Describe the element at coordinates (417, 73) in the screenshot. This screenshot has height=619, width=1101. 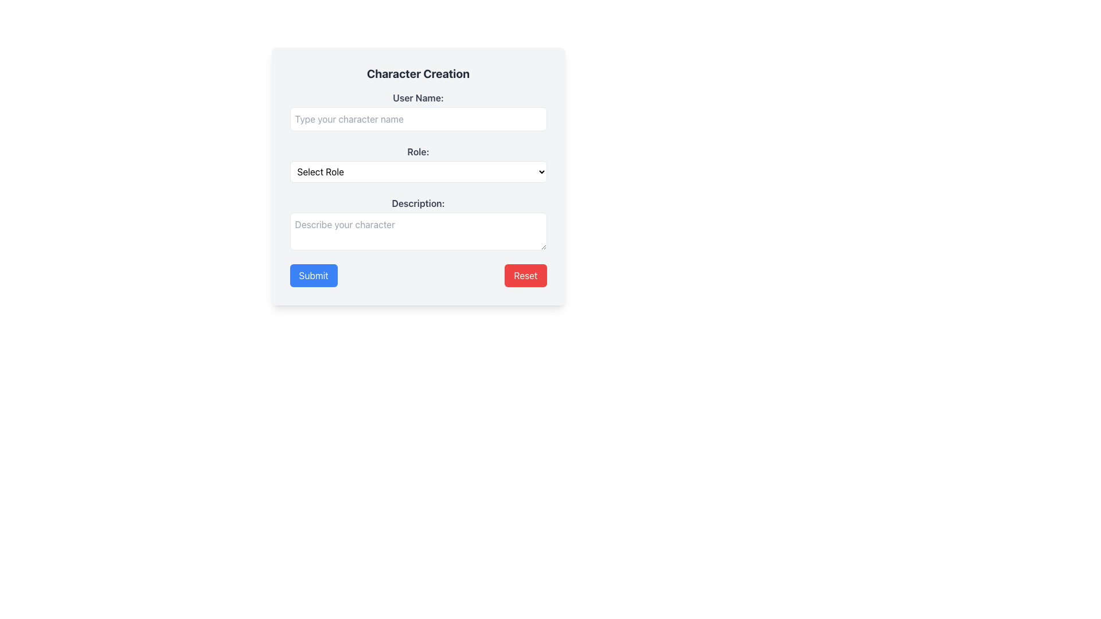
I see `the Static Text element indicating the primary action for character creation, which is positioned at the top of the card-like structure` at that location.